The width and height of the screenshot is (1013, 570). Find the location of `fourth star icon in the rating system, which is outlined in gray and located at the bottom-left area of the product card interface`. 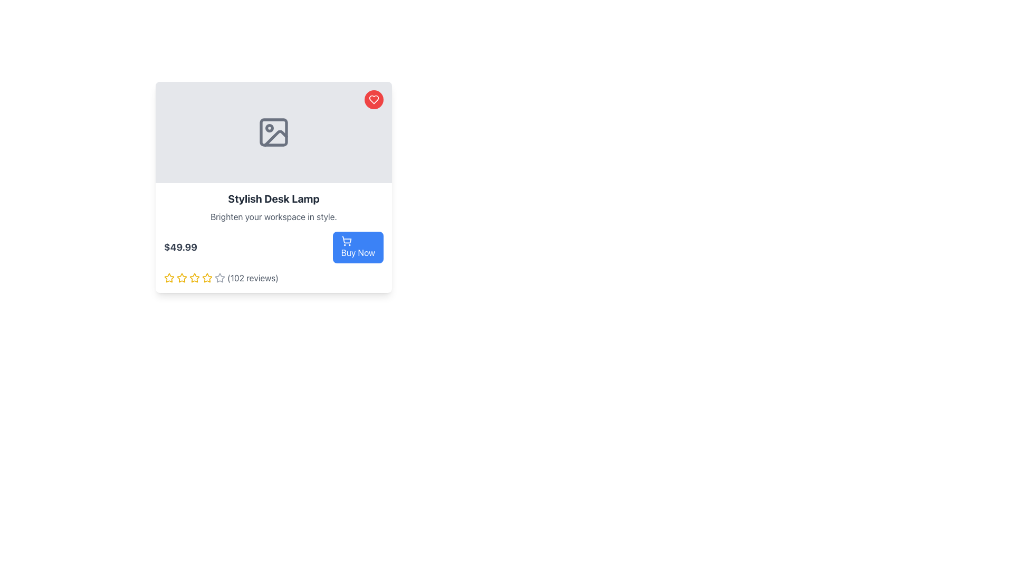

fourth star icon in the rating system, which is outlined in gray and located at the bottom-left area of the product card interface is located at coordinates (219, 277).